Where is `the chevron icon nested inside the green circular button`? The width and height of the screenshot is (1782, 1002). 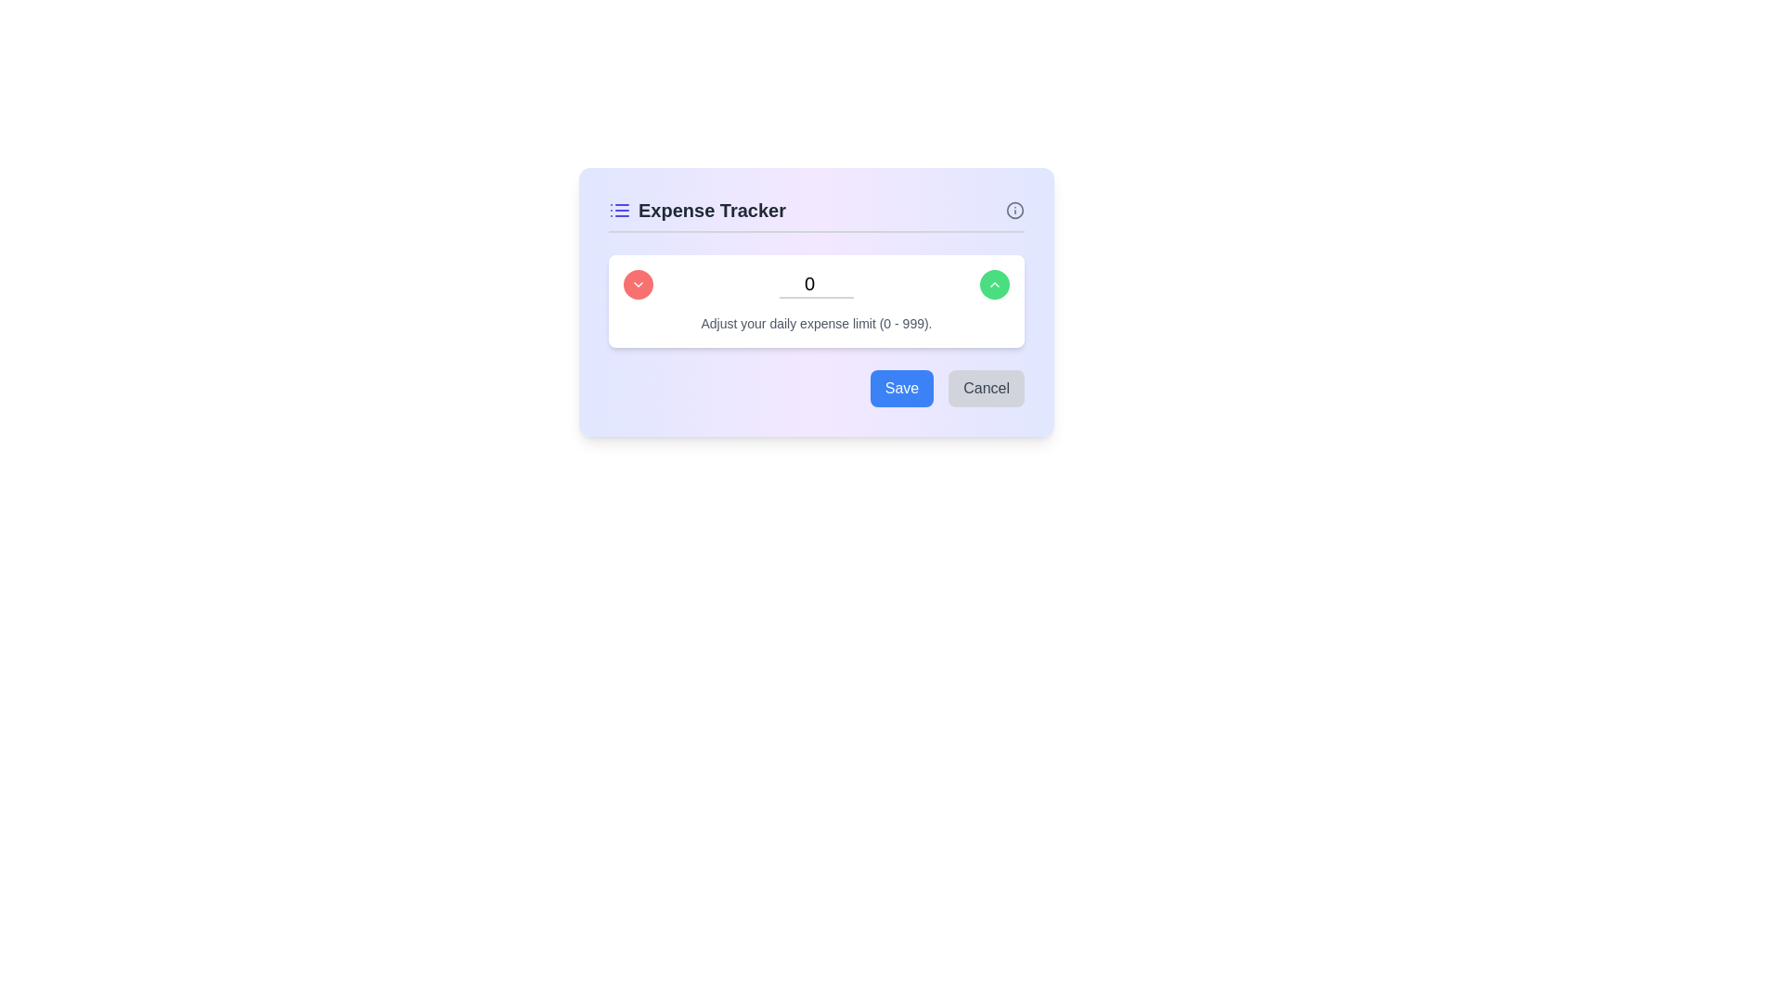
the chevron icon nested inside the green circular button is located at coordinates (993, 285).